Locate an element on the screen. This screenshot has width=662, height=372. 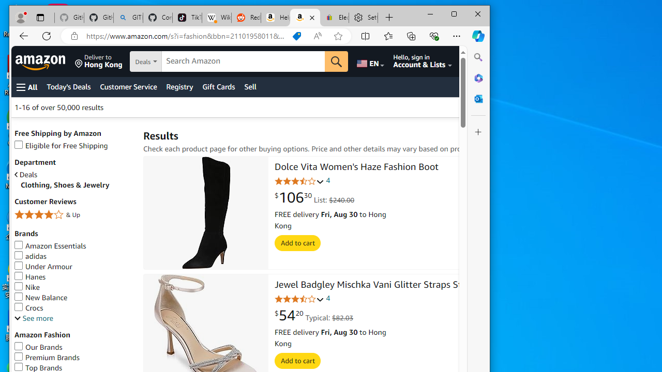
'TikTok' is located at coordinates (187, 18).